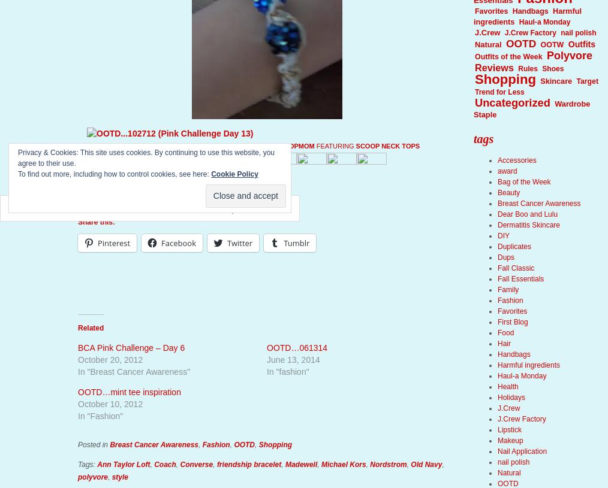  What do you see at coordinates (181, 146) in the screenshot?
I see `'OOTD…102712 (Pink Challenge Day 13)'` at bounding box center [181, 146].